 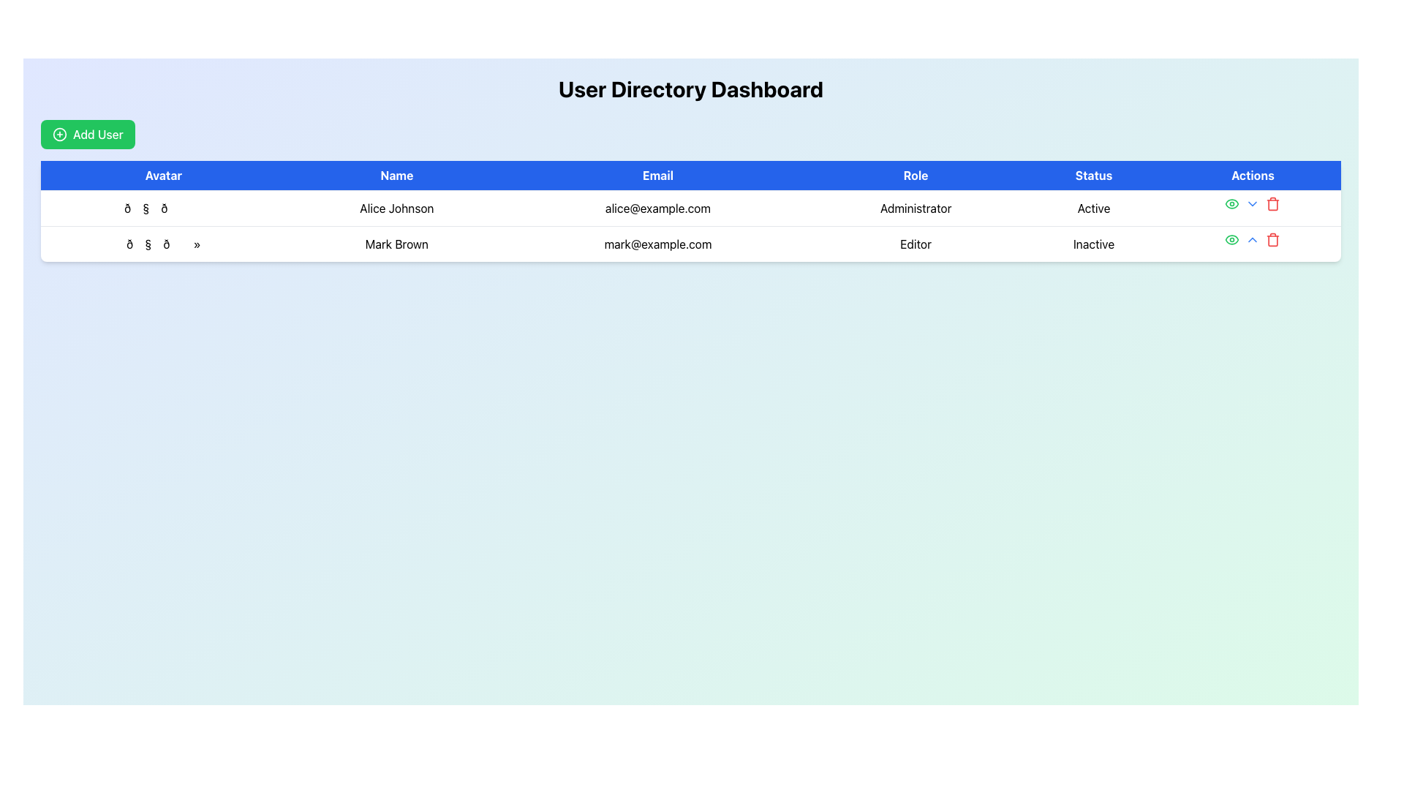 What do you see at coordinates (396, 208) in the screenshot?
I see `the text label displaying the name 'Alice Johnson', which is located in the second column of the first row of the table` at bounding box center [396, 208].